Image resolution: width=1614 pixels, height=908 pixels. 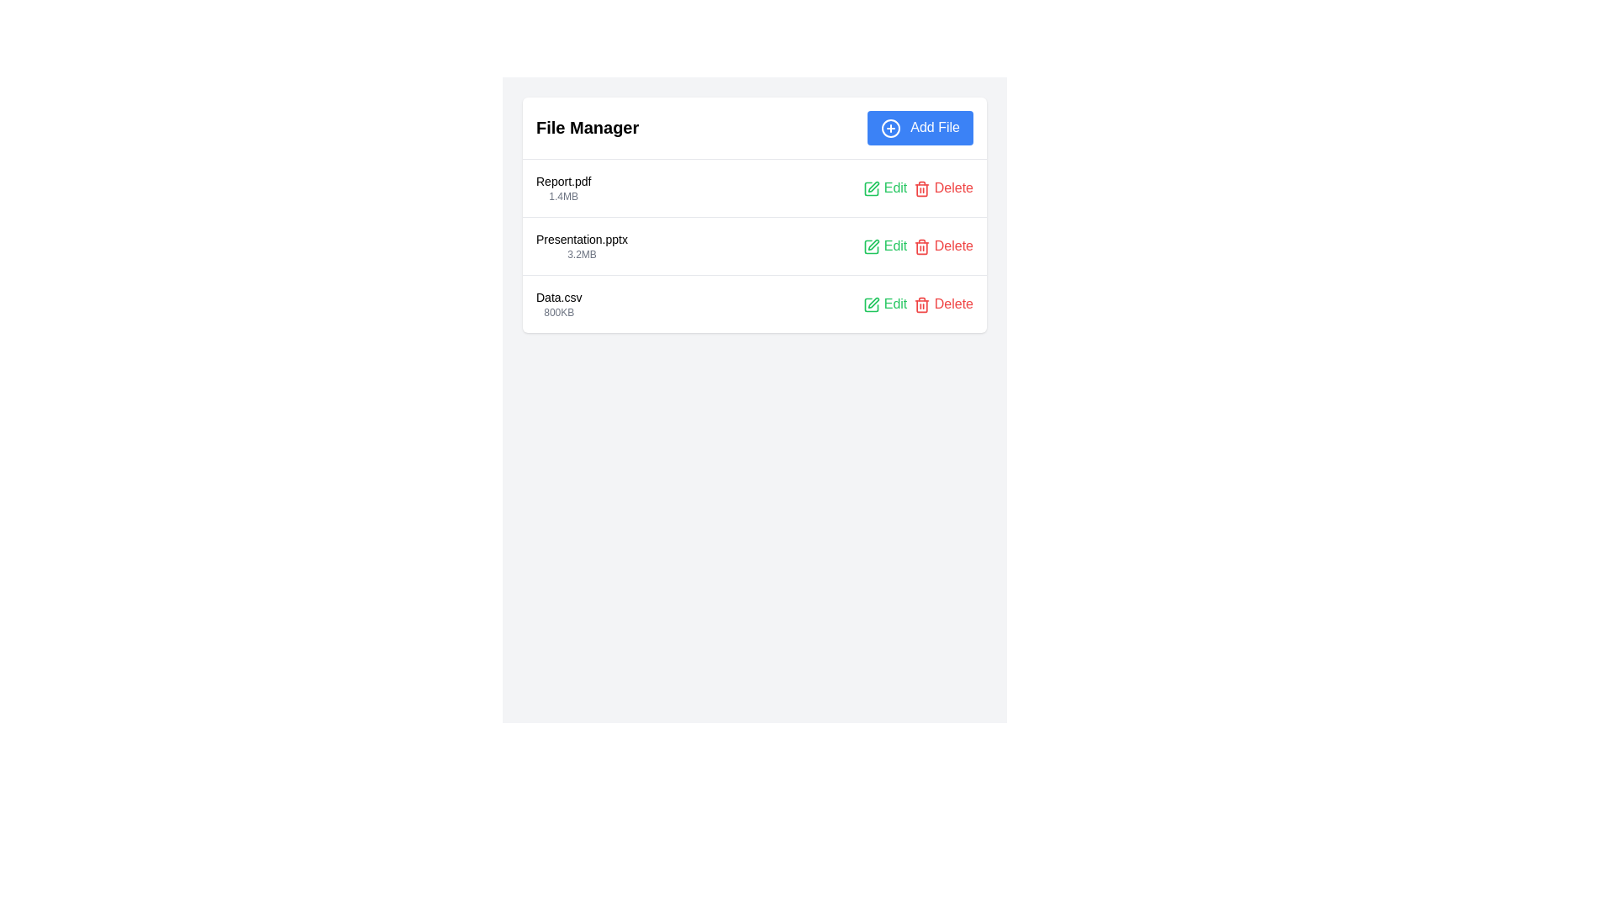 I want to click on the green square icon button with a pencil inside, located next to 'Report.pdf', so click(x=872, y=188).